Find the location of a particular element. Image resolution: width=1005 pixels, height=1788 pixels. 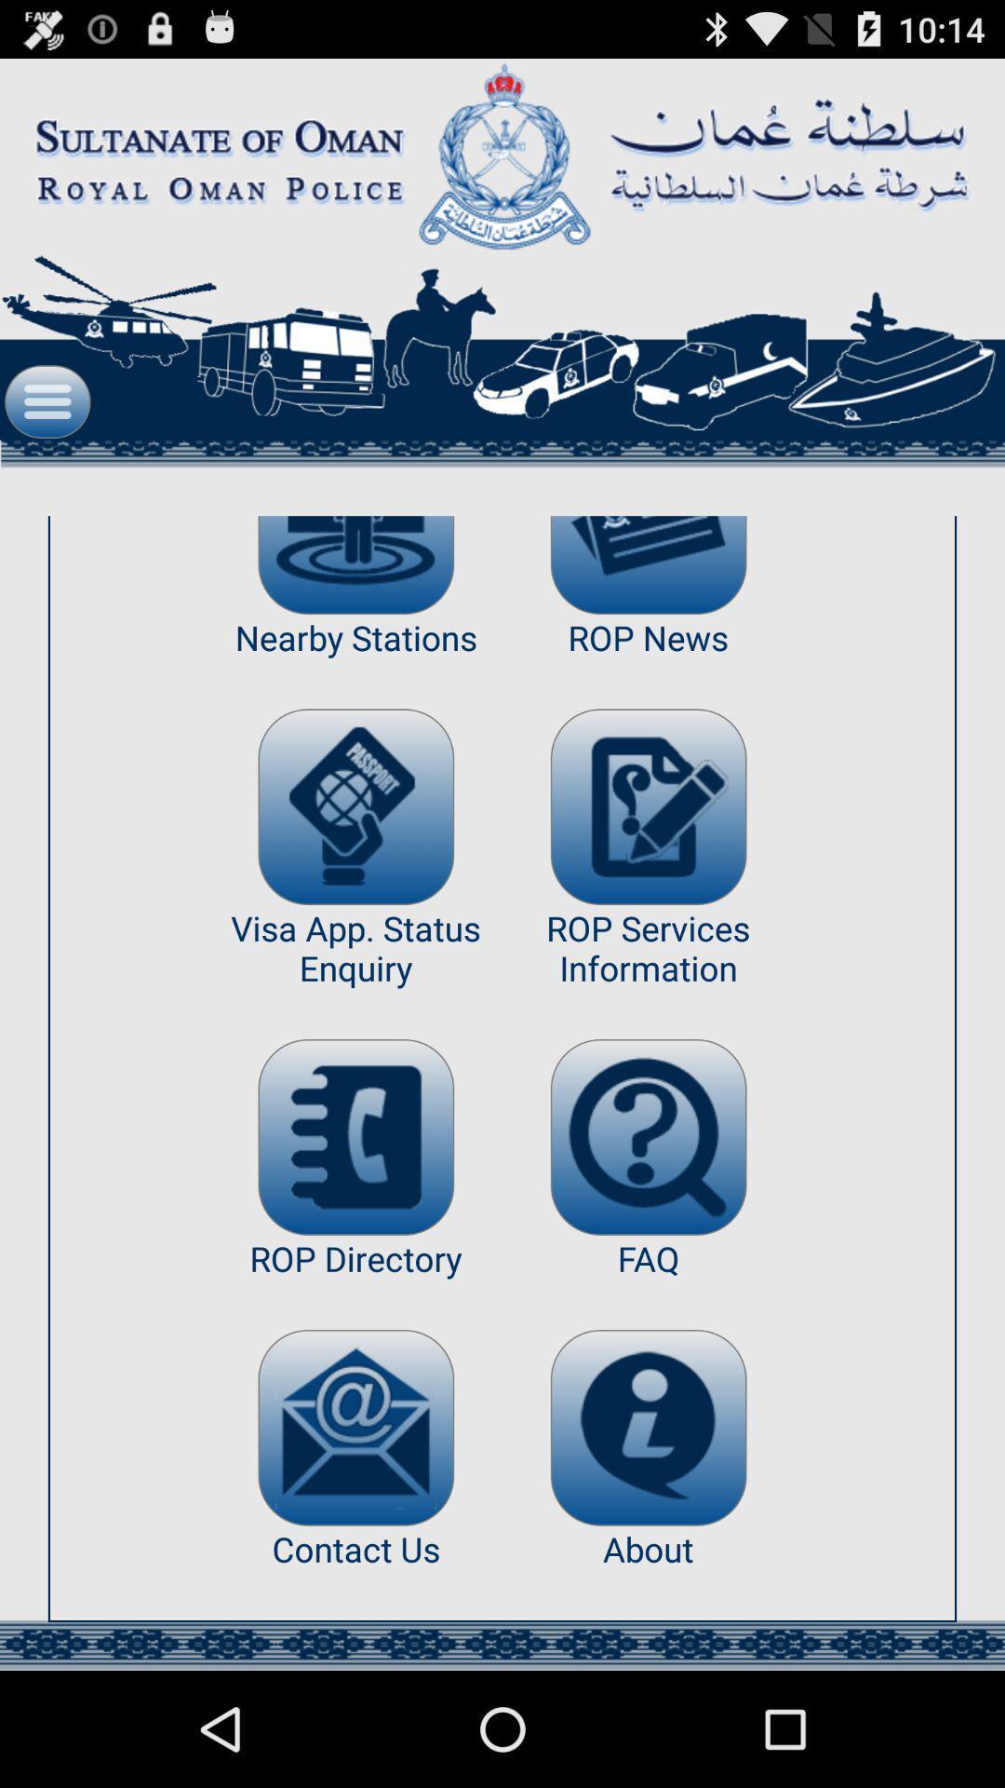

locate nearby police stations is located at coordinates (355, 564).